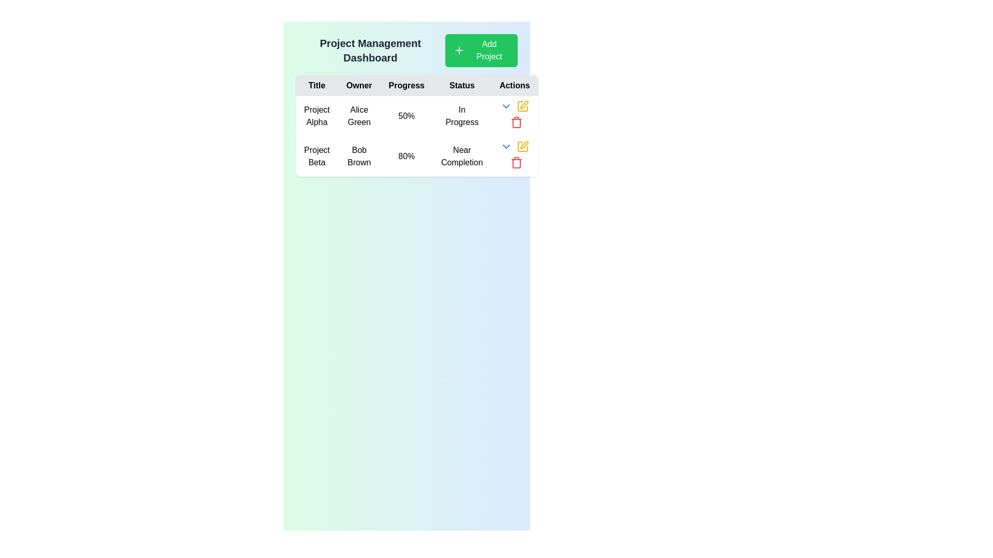 This screenshot has height=558, width=993. Describe the element at coordinates (517, 121) in the screenshot. I see `the red trash bin icon located in the 'Actions' column of the second row in the data table` at that location.